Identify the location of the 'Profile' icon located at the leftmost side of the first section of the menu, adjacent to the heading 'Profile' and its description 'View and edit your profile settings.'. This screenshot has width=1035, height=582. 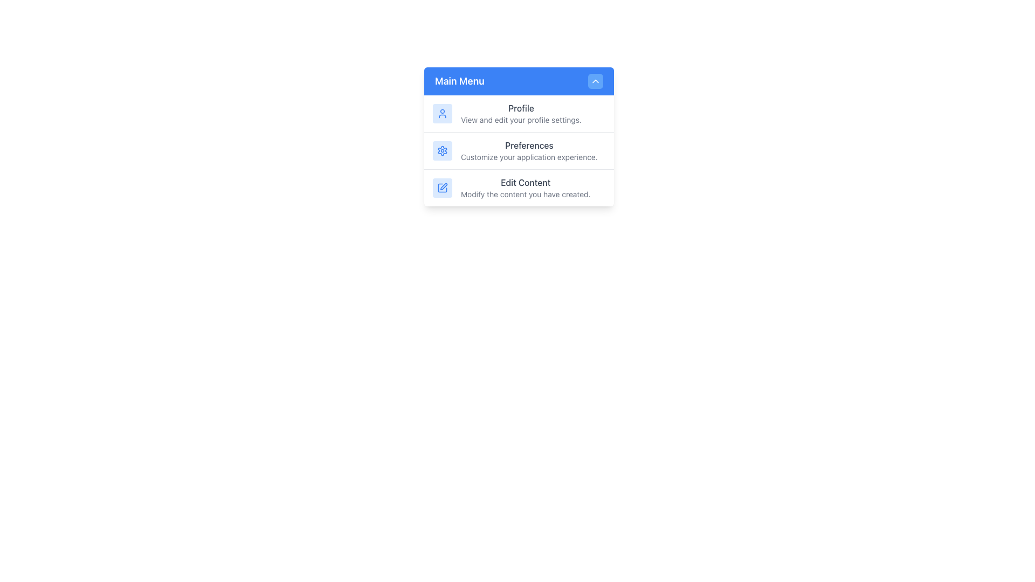
(442, 114).